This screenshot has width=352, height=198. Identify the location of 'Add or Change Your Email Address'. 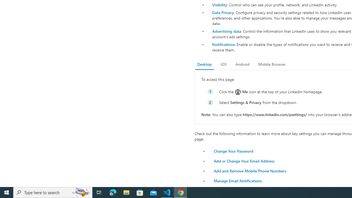
(244, 161).